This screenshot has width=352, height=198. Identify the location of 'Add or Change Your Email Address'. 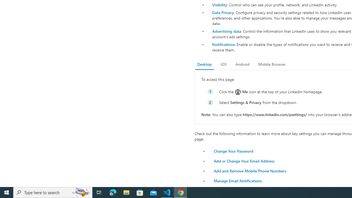
(244, 161).